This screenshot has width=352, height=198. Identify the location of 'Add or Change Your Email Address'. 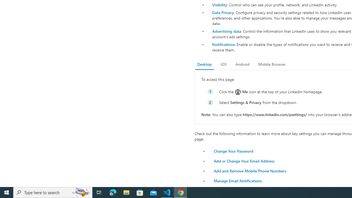
(244, 161).